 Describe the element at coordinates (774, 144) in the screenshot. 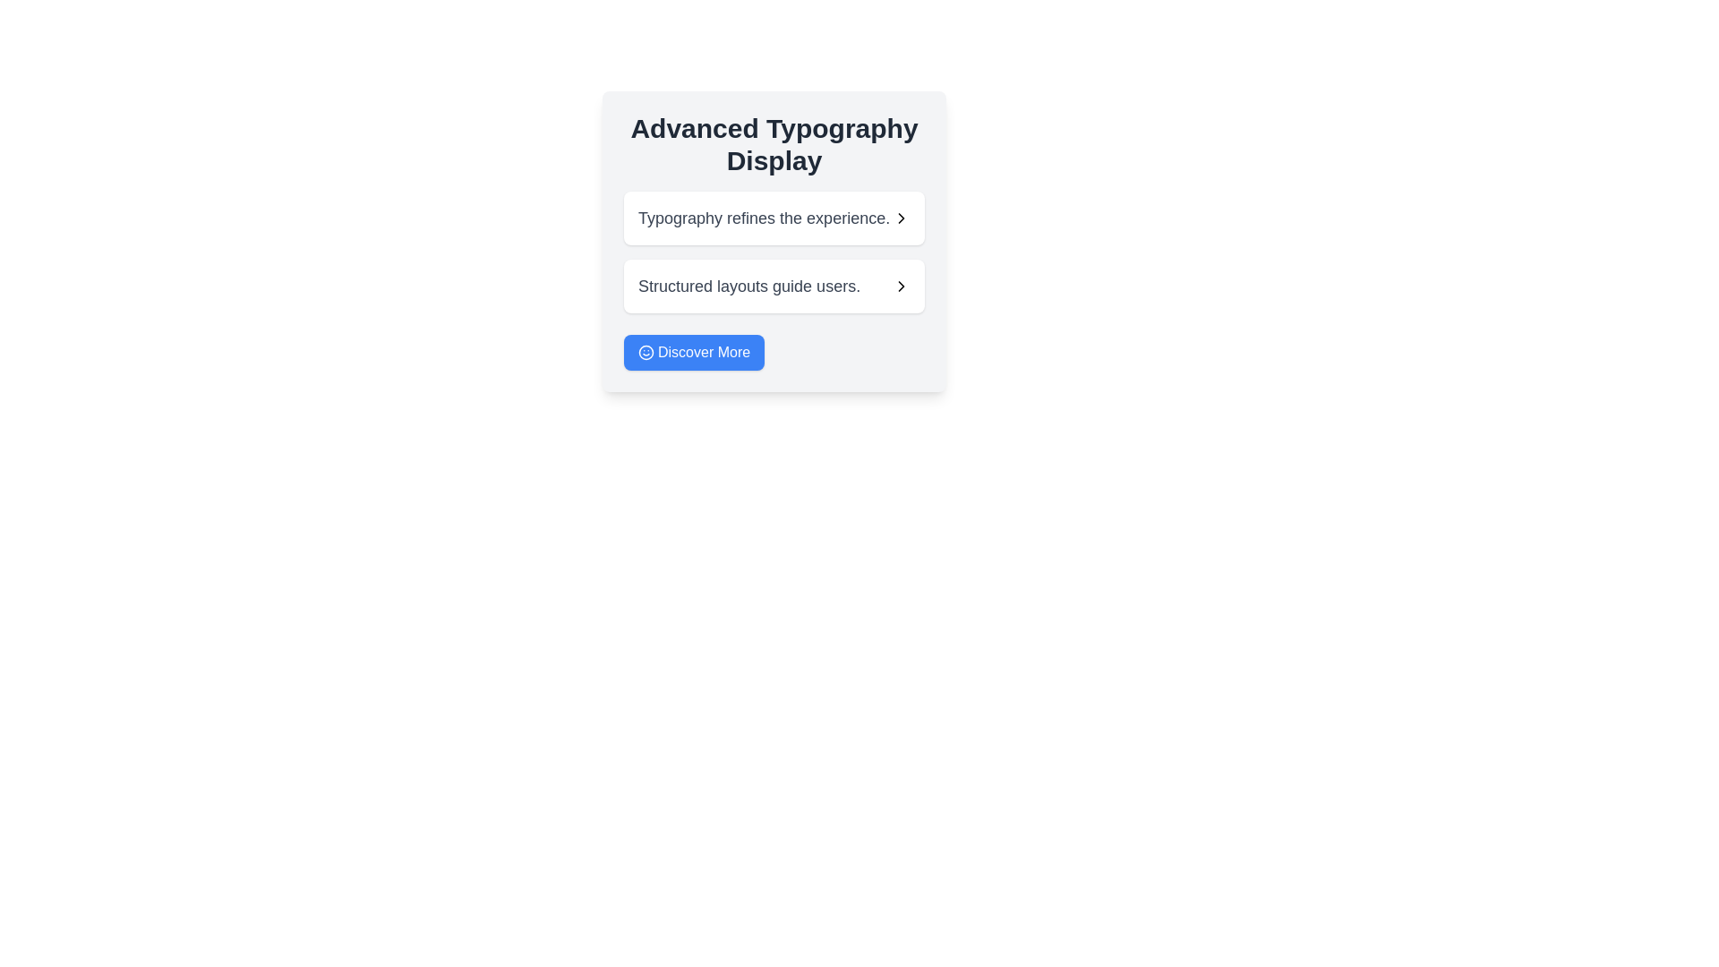

I see `the Text Element (Header) that serves as the title for the content, positioned at the top of the card layout` at that location.